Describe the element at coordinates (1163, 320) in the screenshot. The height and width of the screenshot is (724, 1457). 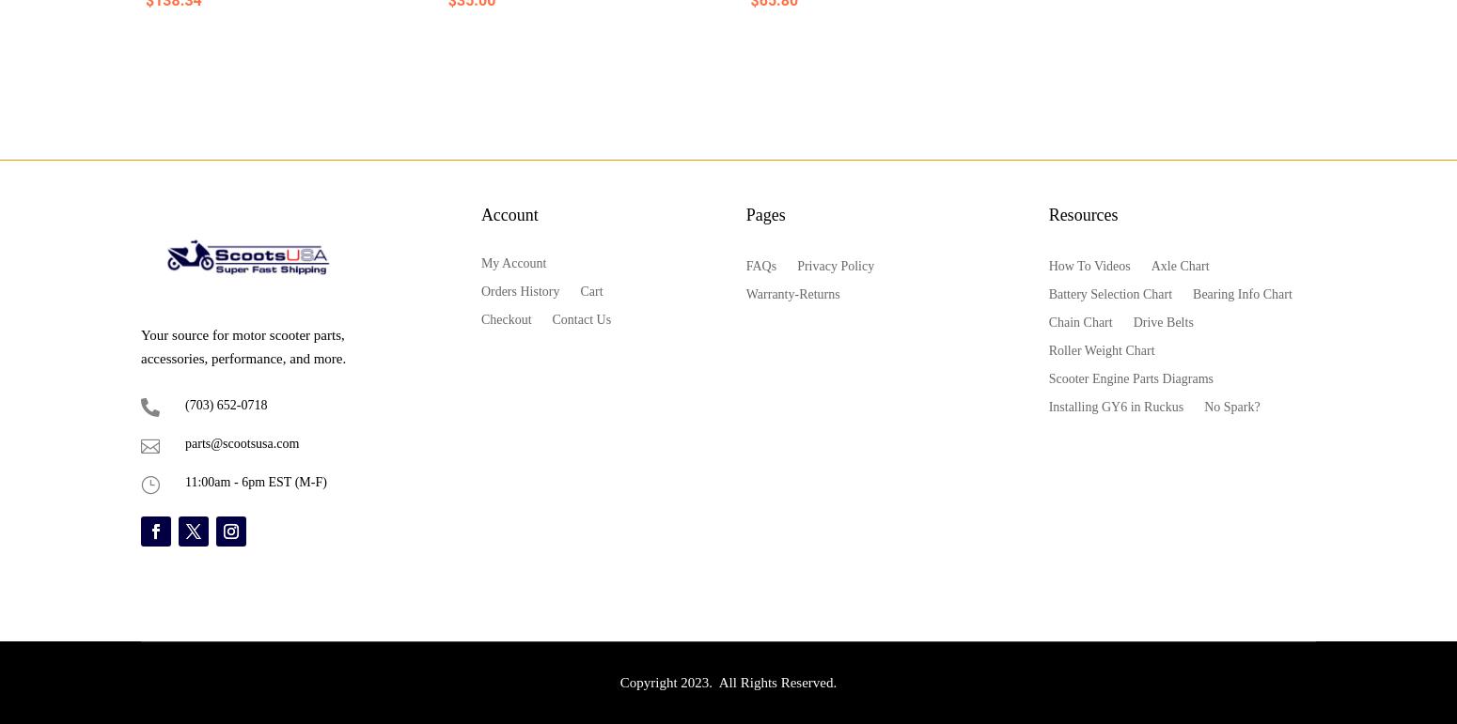
I see `'Drive Belts'` at that location.